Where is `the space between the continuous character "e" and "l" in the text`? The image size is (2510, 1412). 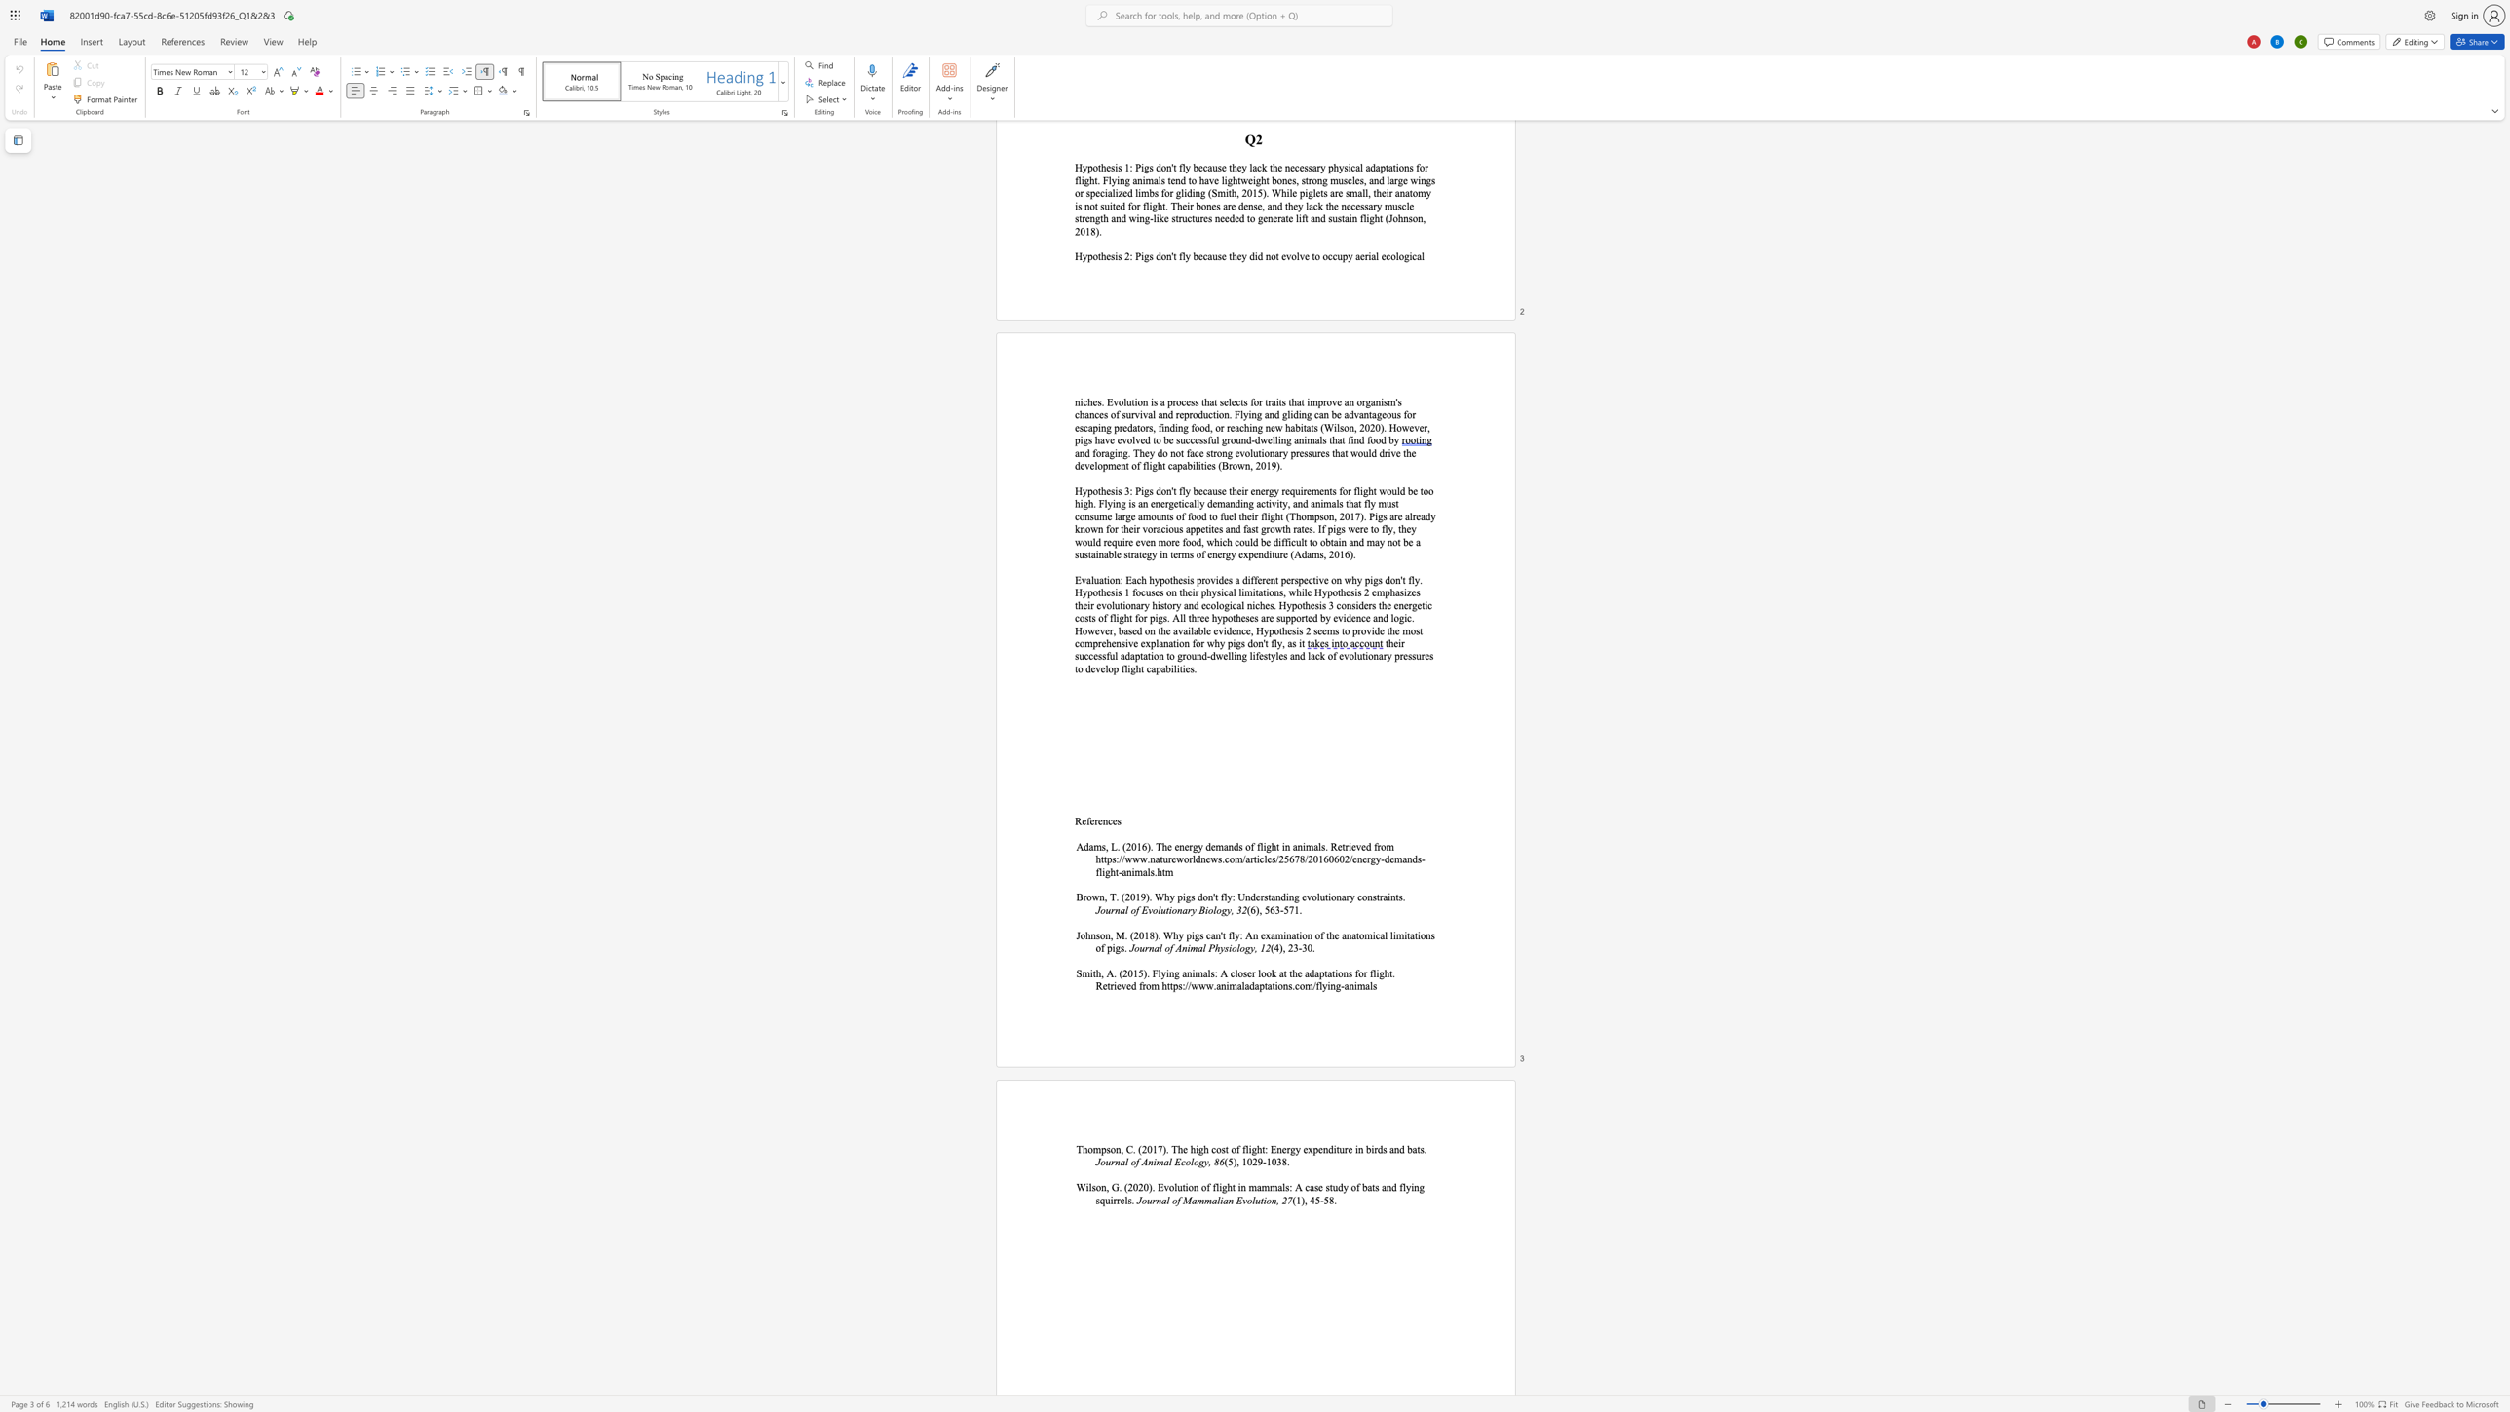 the space between the continuous character "e" and "l" in the text is located at coordinates (1123, 1200).